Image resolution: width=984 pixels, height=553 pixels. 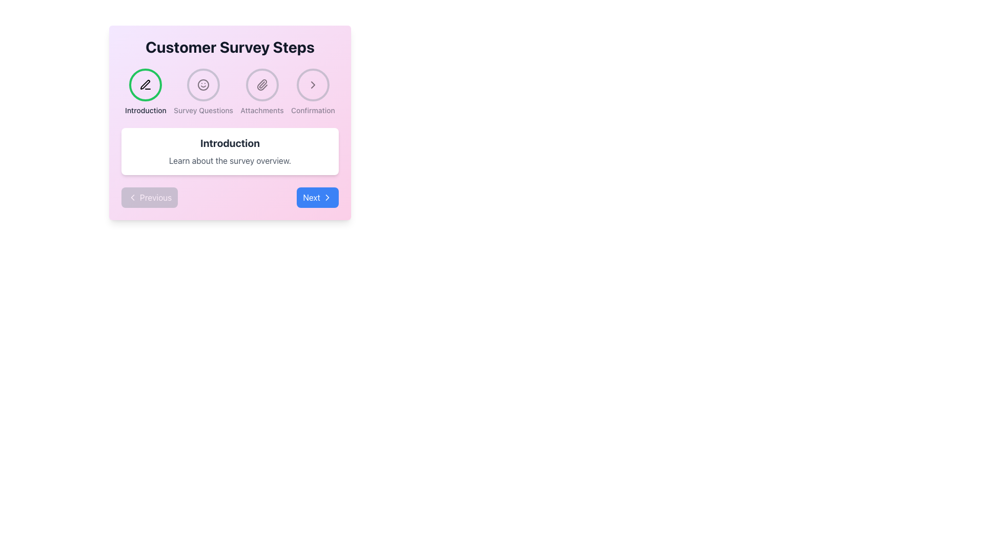 What do you see at coordinates (312, 84) in the screenshot?
I see `the chevron icon in the 'Confirmation' step of the 'Customer Survey Steps' interface, which is the rightmost circular item indicating progression` at bounding box center [312, 84].